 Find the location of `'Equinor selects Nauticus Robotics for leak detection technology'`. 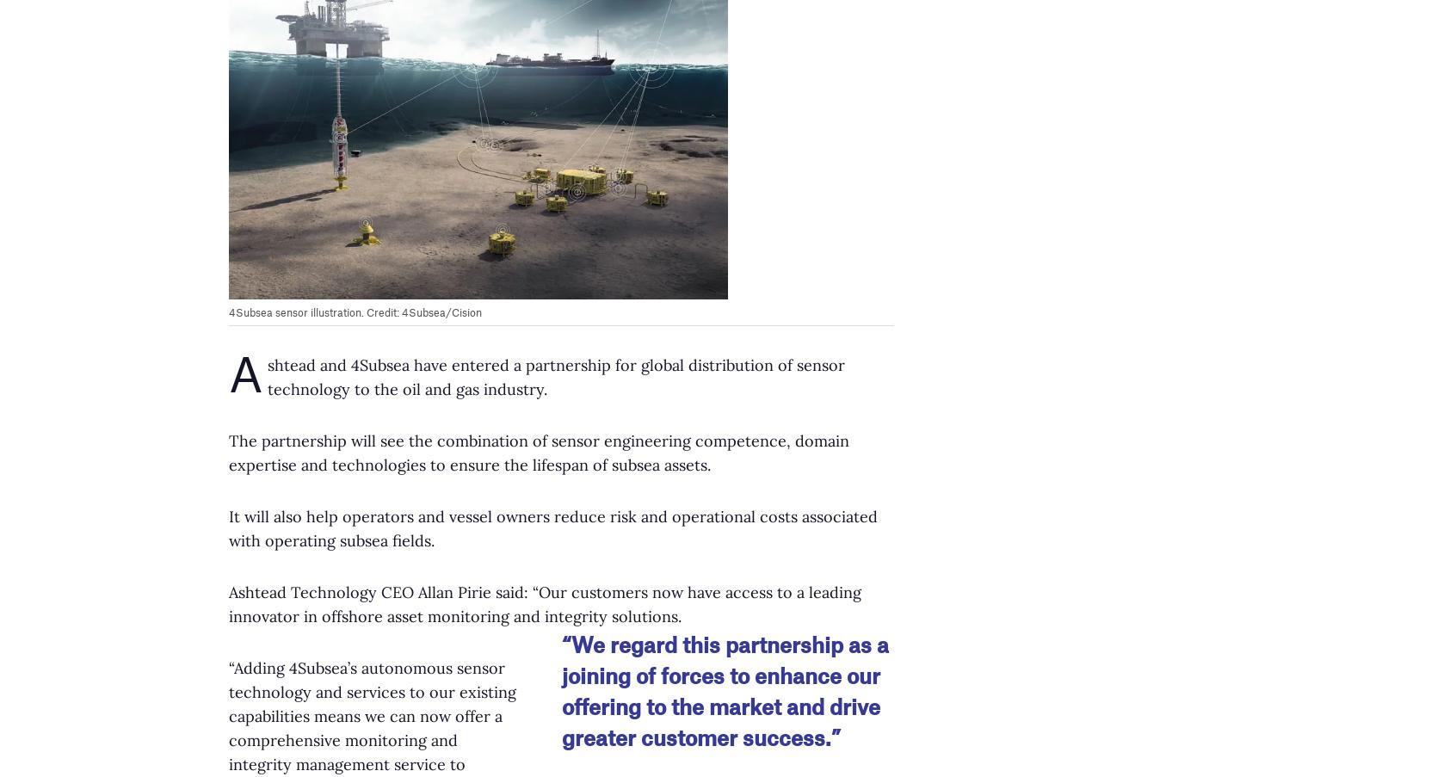

'Equinor selects Nauticus Robotics for leak detection technology' is located at coordinates (564, 654).